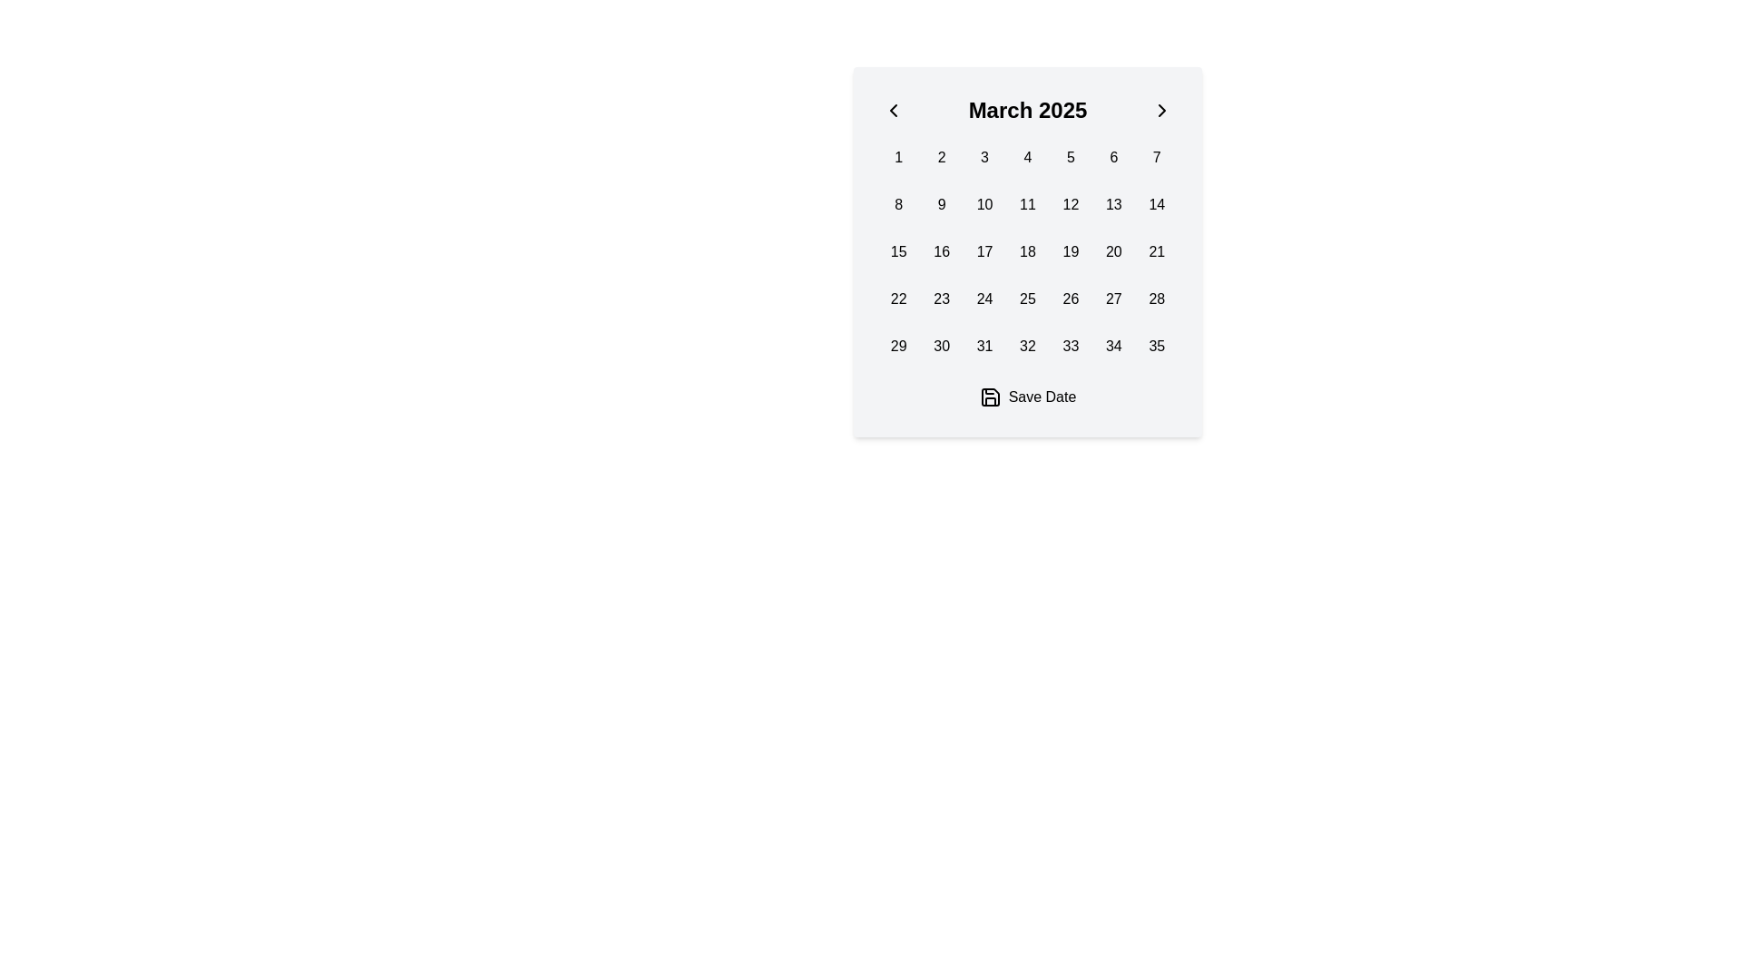 The width and height of the screenshot is (1742, 980). What do you see at coordinates (1162, 111) in the screenshot?
I see `the navigation button located to the right of the text 'March 2025' in the calendar header` at bounding box center [1162, 111].